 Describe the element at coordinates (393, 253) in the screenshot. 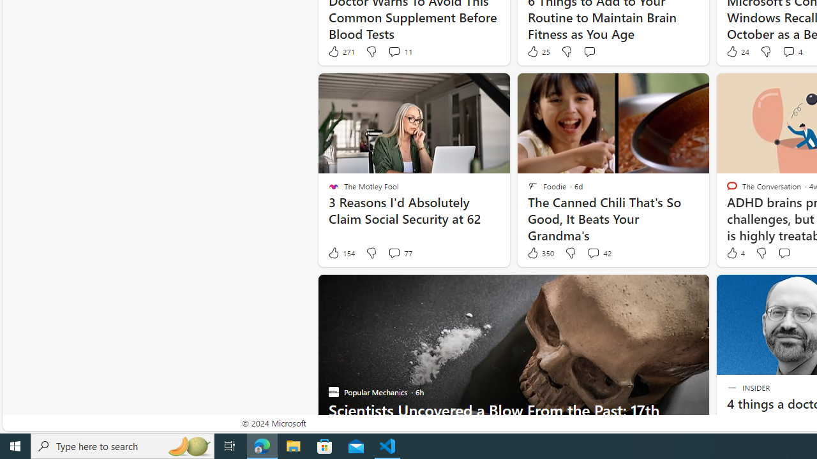

I see `'View comments 77 Comment'` at that location.